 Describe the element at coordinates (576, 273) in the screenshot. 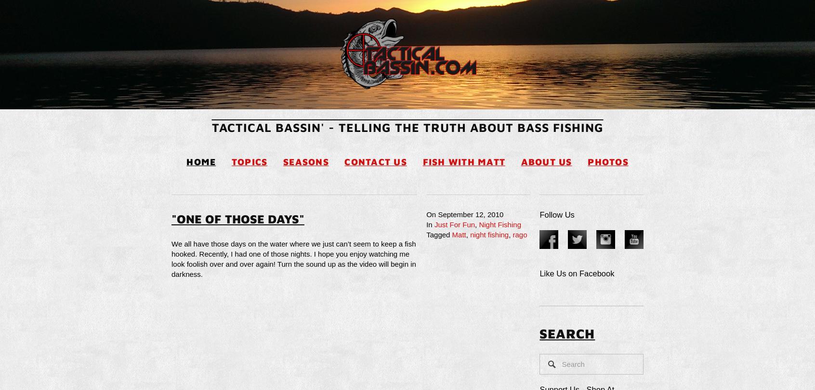

I see `'Like Us on Facebook'` at that location.